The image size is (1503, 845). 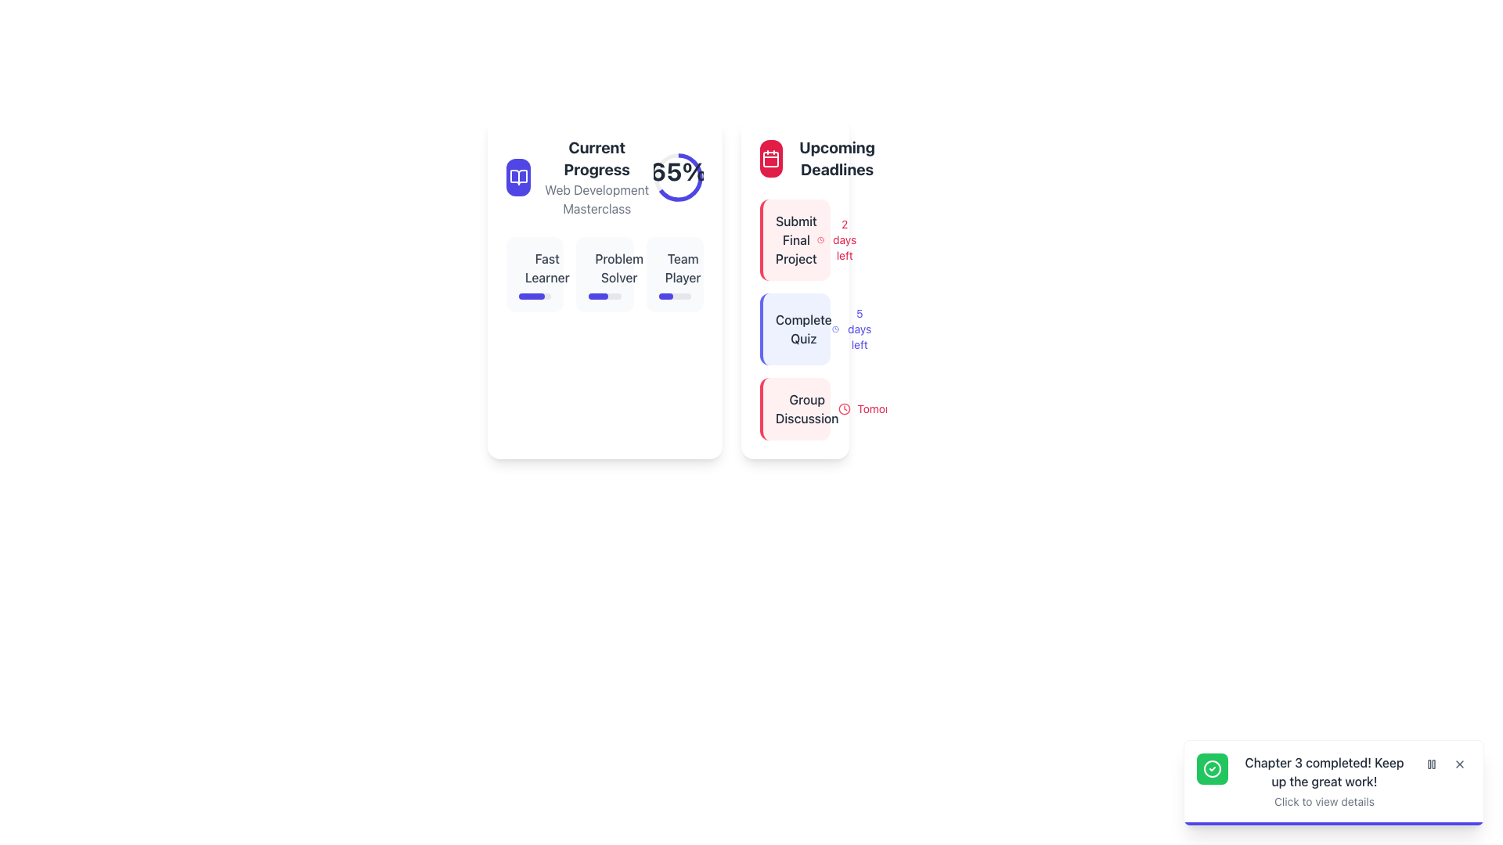 What do you see at coordinates (834, 328) in the screenshot?
I see `the time icon that symbolizes the remaining time for the deadline, located to the left of the text '5 days left' in the Upcoming Deadlines section for the 'Complete Quiz' task` at bounding box center [834, 328].